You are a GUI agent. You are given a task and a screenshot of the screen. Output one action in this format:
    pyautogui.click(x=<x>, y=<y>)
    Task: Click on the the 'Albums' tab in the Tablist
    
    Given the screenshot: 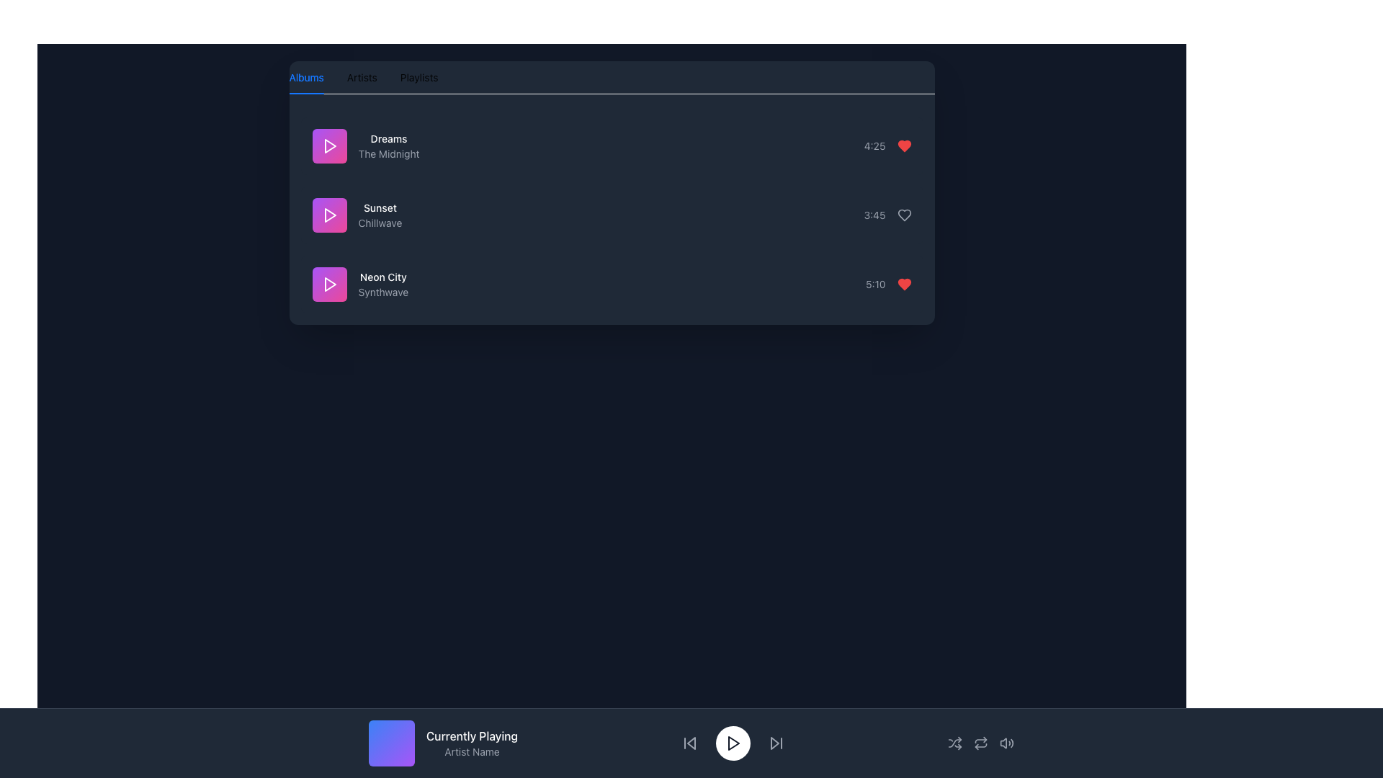 What is the action you would take?
    pyautogui.click(x=612, y=78)
    